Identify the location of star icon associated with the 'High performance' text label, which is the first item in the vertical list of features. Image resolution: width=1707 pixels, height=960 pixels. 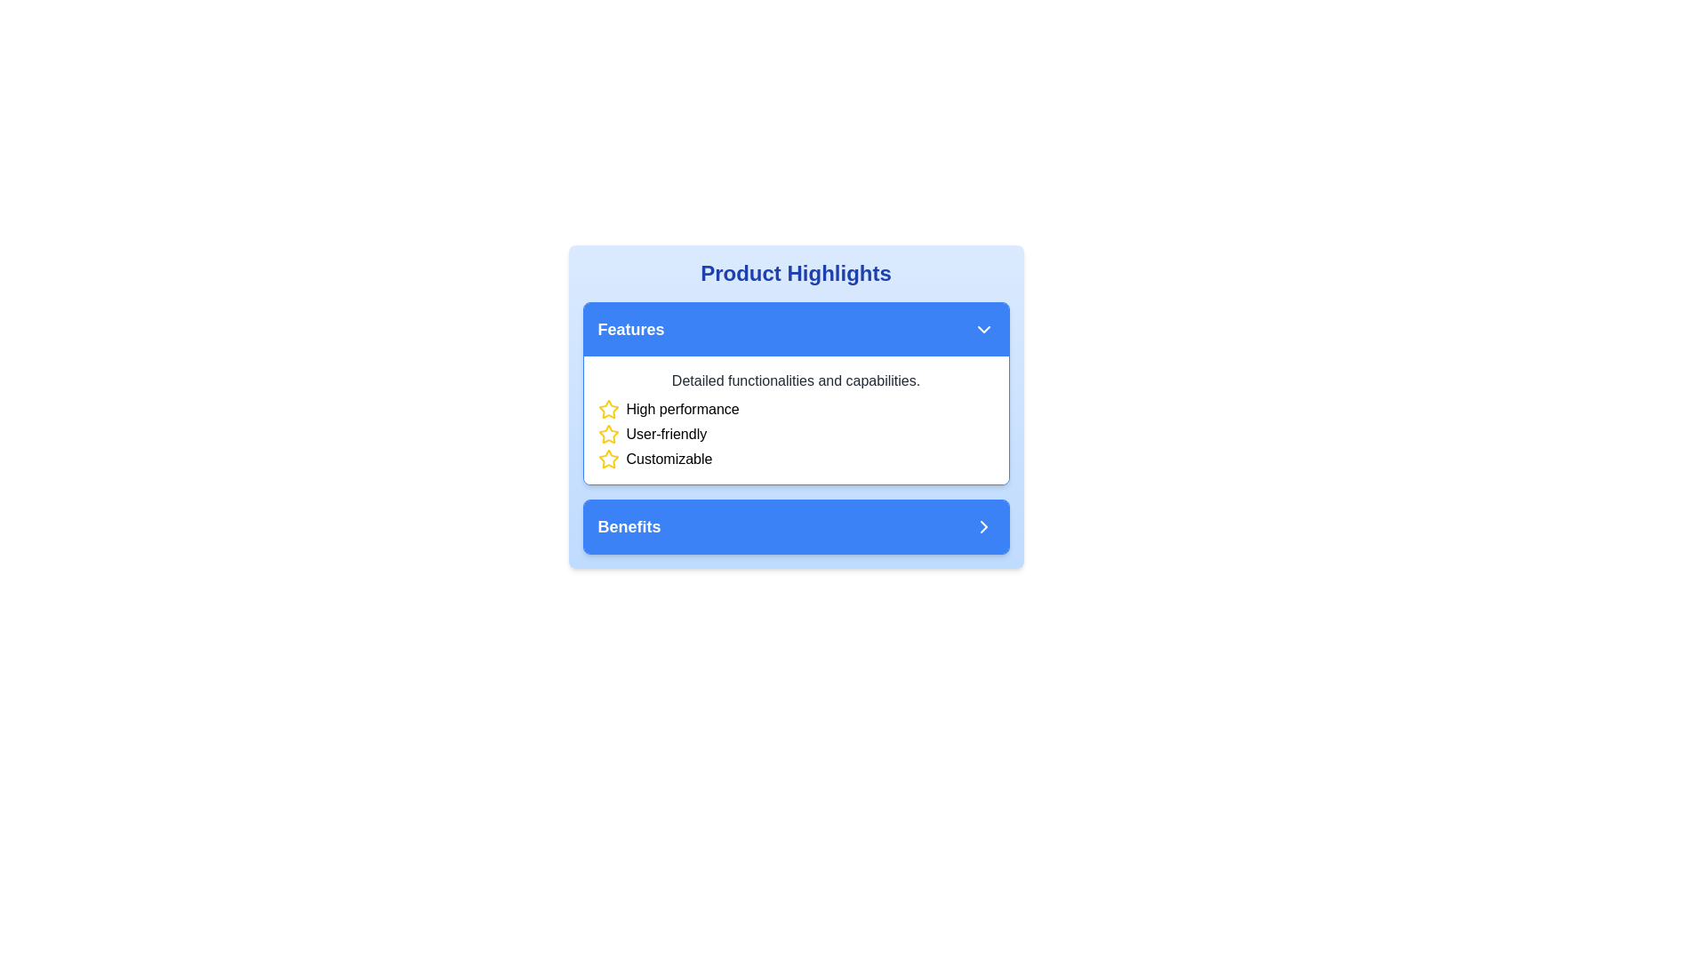
(795, 410).